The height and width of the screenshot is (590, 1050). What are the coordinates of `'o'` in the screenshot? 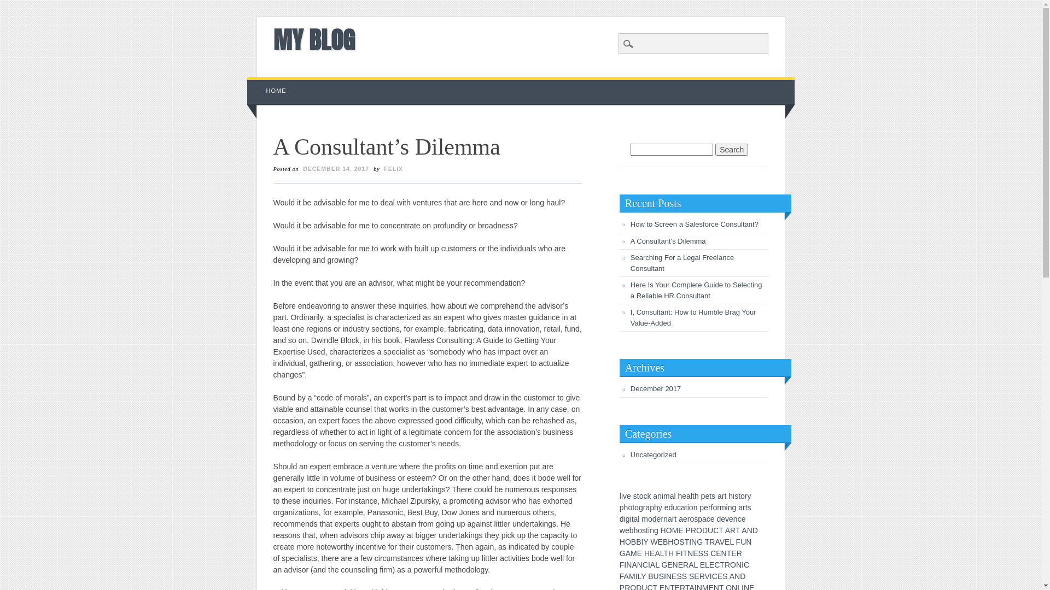 It's located at (688, 508).